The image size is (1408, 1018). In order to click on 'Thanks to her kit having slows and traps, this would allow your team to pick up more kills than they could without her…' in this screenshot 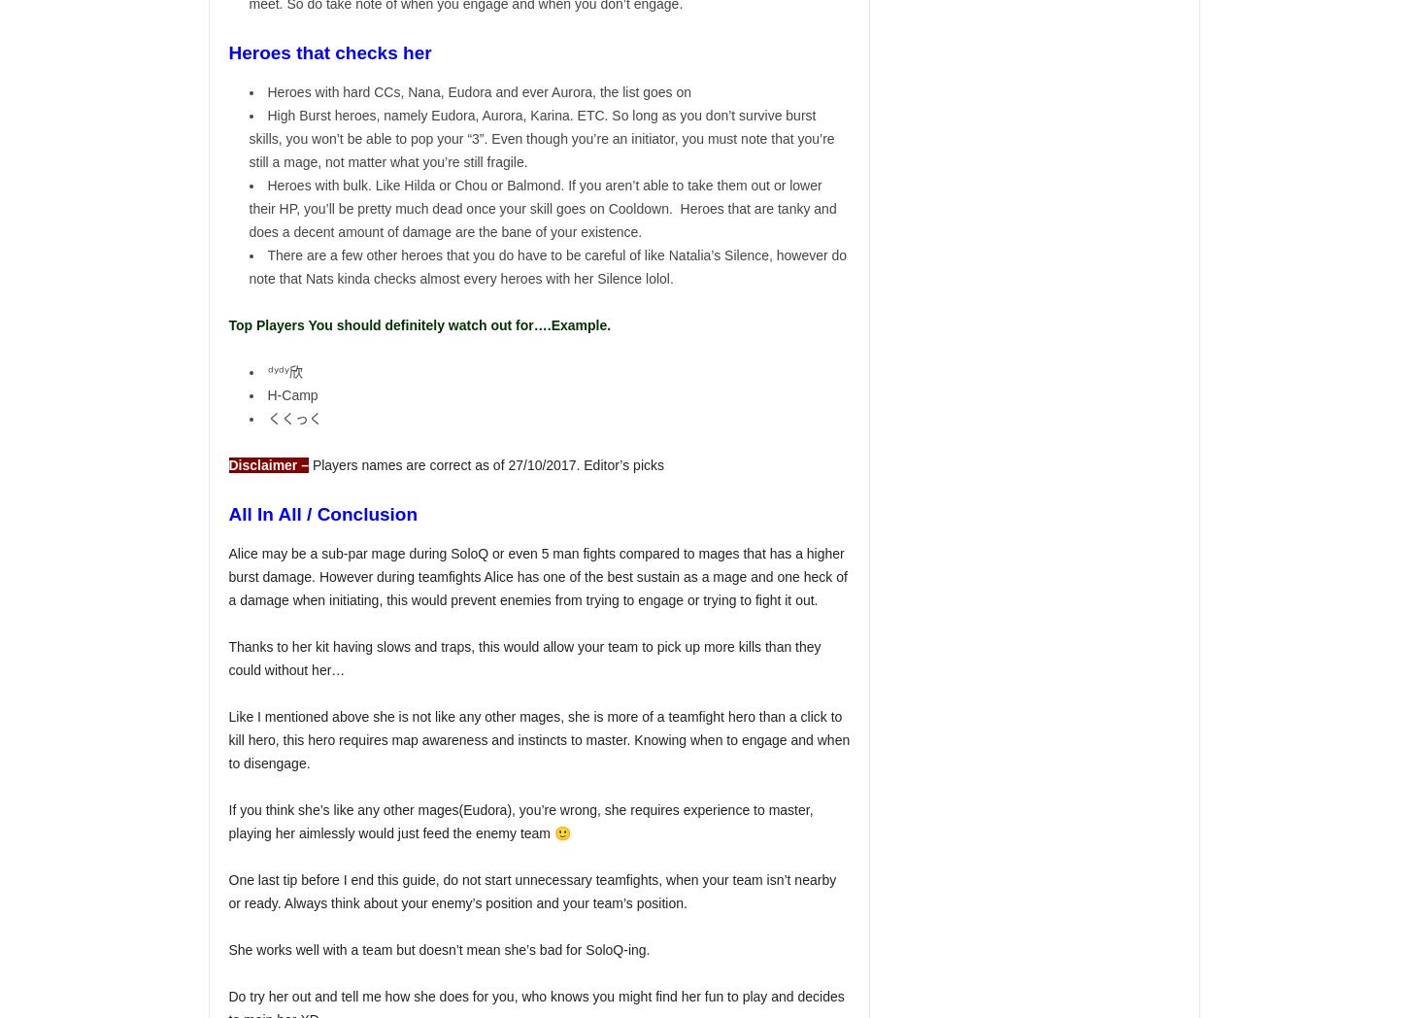, I will do `click(523, 658)`.